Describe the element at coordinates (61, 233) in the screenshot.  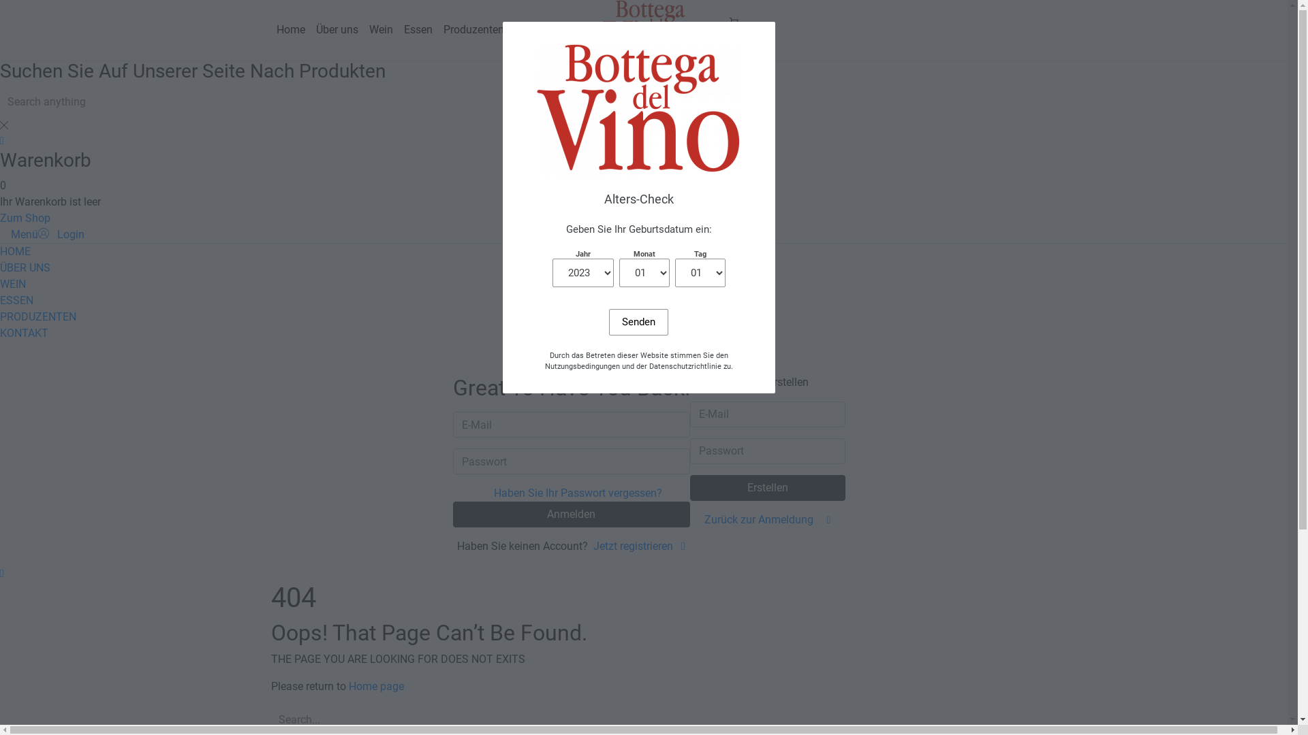
I see `'Login'` at that location.